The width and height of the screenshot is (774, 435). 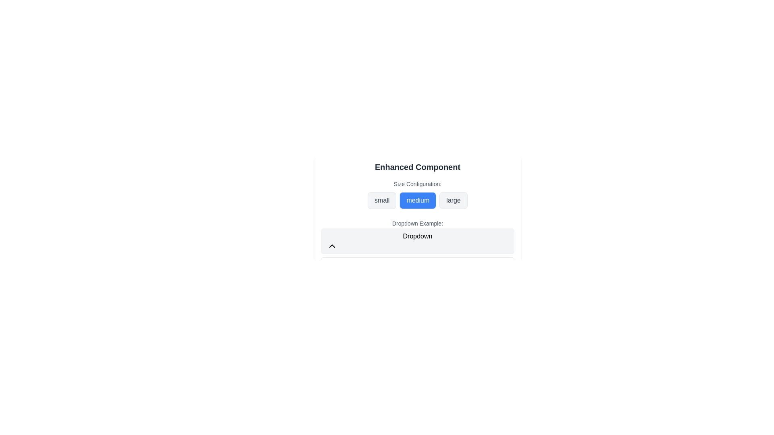 What do you see at coordinates (418, 240) in the screenshot?
I see `the 'Dropdown' button with a gray background and rounded corners` at bounding box center [418, 240].